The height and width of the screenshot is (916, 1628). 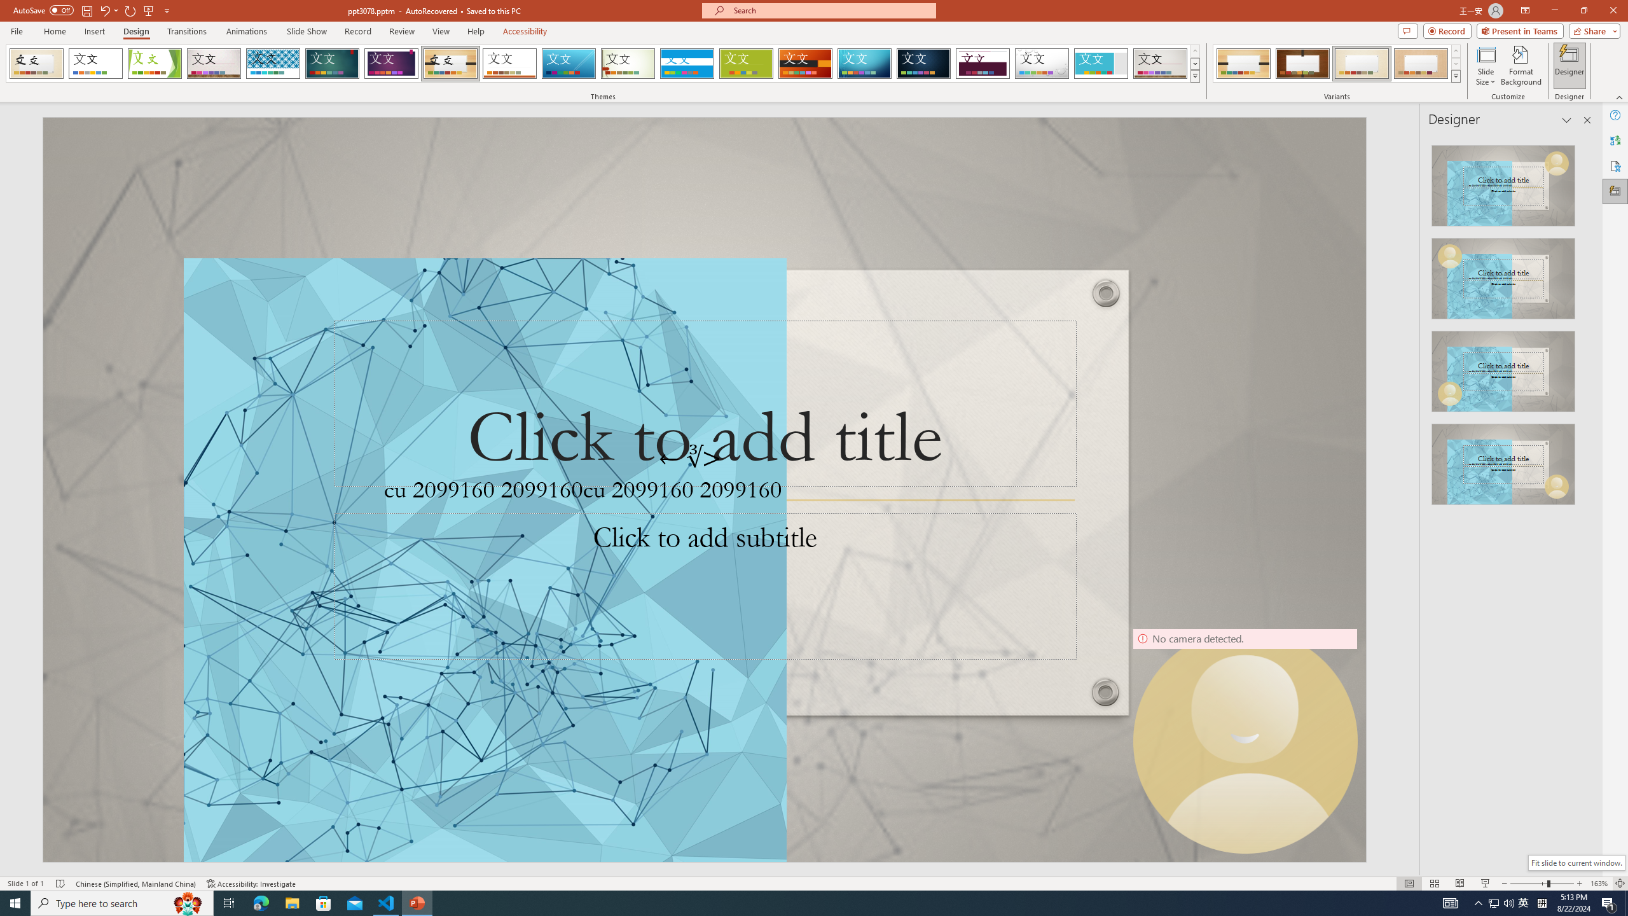 What do you see at coordinates (1566, 120) in the screenshot?
I see `'Task Pane Options'` at bounding box center [1566, 120].